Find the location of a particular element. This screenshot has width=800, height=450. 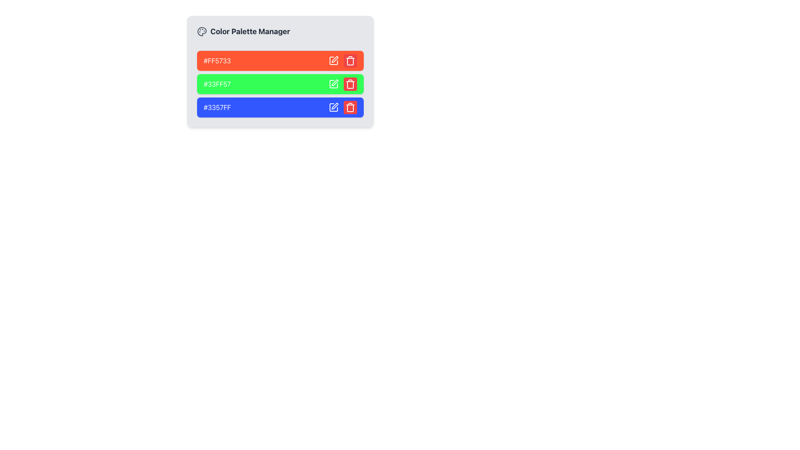

the delete button, which is a small rounded button with a red background and a trash icon, located in the rightmost section of the action toolbar labeled '#3357FF' is located at coordinates (350, 107).